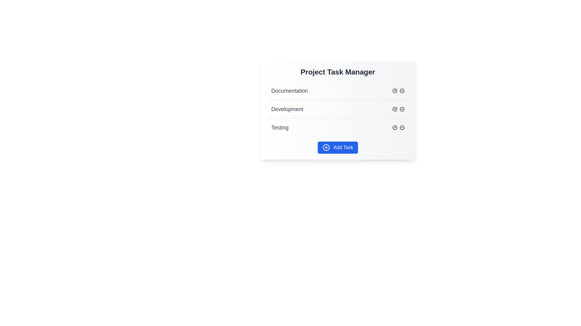  What do you see at coordinates (395, 91) in the screenshot?
I see `the icon button for the 'Documentation' task` at bounding box center [395, 91].